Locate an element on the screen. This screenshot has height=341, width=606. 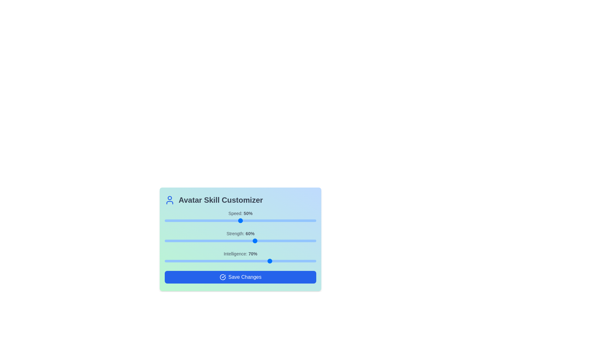
the knob of the 'Intelligence: 70%' slider located within the 'Avatar Skill Customizer' card is located at coordinates (240, 258).